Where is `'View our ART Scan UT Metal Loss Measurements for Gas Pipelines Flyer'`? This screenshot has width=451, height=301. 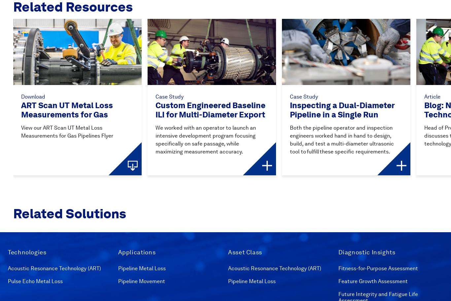 'View our ART Scan UT Metal Loss Measurements for Gas Pipelines Flyer' is located at coordinates (67, 131).